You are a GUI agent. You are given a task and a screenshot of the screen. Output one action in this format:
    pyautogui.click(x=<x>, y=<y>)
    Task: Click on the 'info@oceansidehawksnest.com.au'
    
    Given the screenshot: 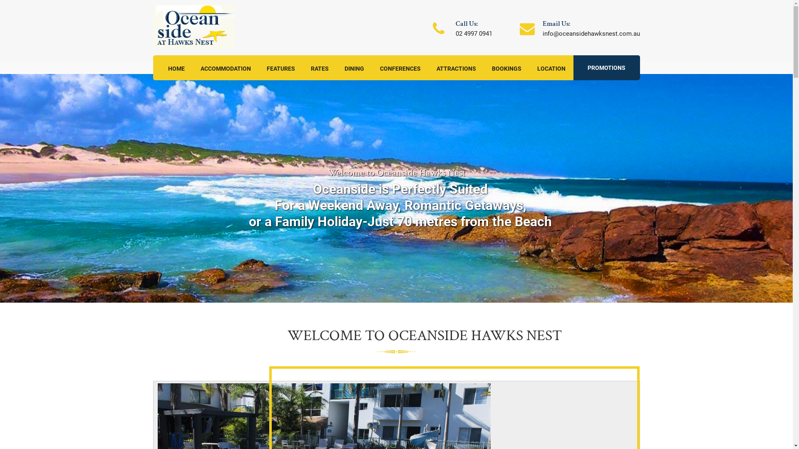 What is the action you would take?
    pyautogui.click(x=543, y=33)
    